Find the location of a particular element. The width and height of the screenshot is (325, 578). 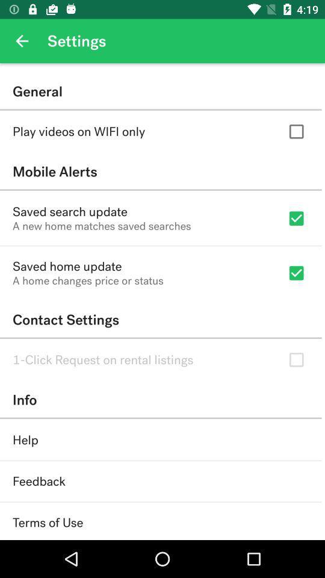

the help item is located at coordinates (25, 440).